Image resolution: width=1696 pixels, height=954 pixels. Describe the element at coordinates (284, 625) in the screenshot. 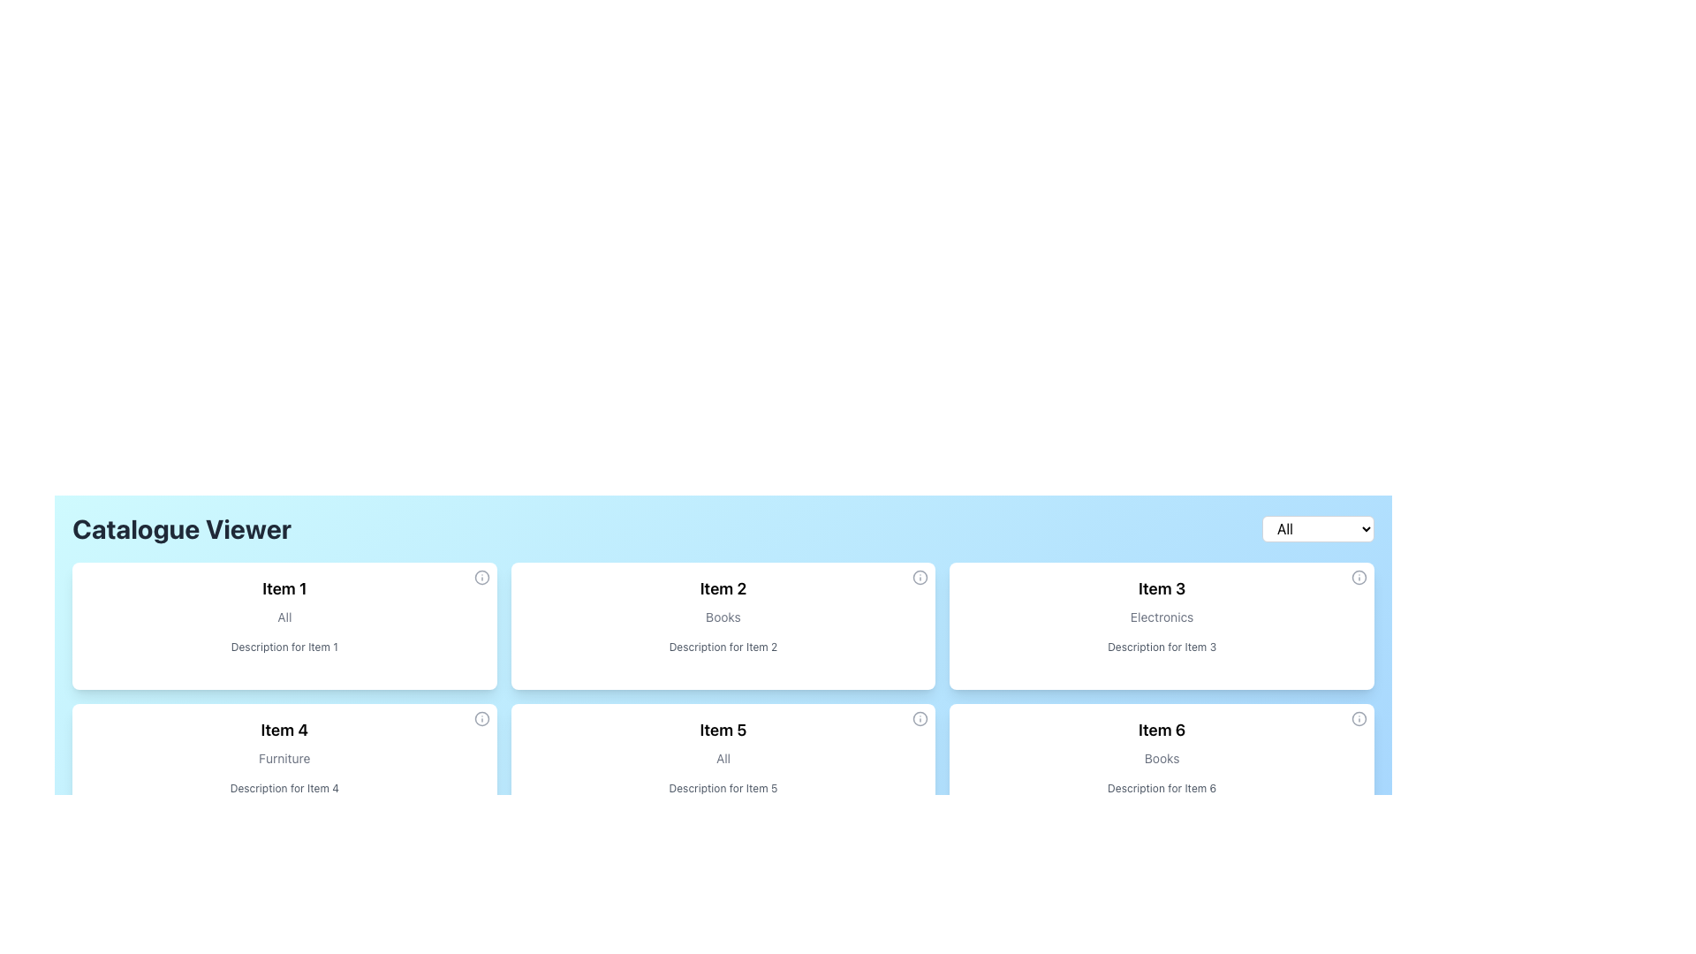

I see `the first Information card in the grid layout, which displays details about a catalog item located in the top-left corner of the grid` at that location.